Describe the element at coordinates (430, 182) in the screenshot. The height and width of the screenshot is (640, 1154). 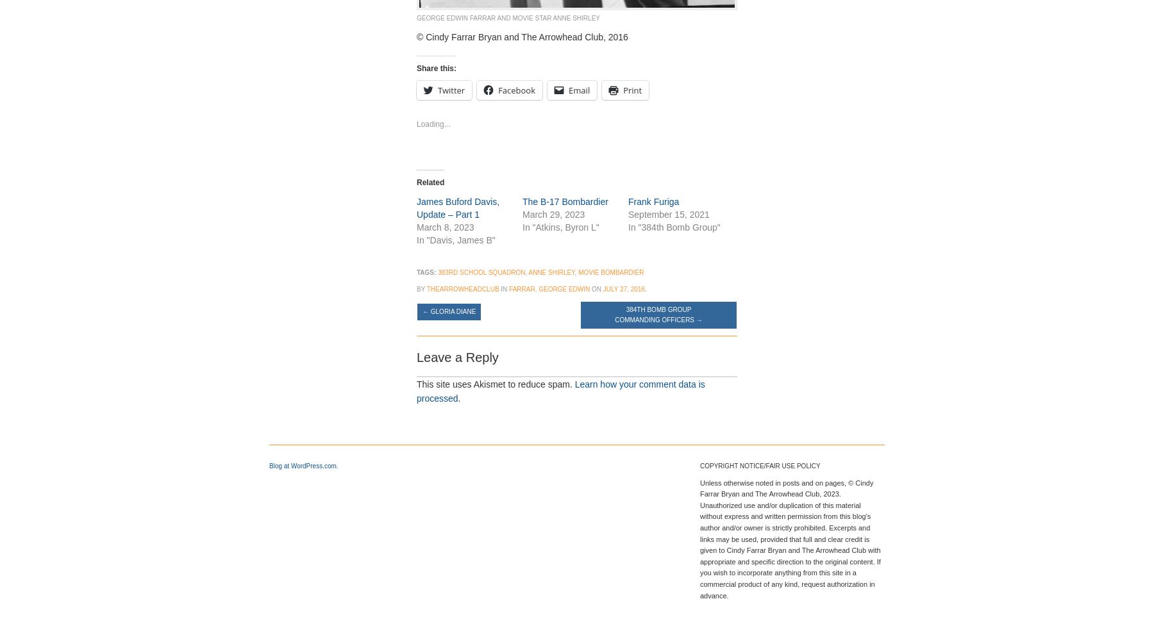
I see `'Related'` at that location.